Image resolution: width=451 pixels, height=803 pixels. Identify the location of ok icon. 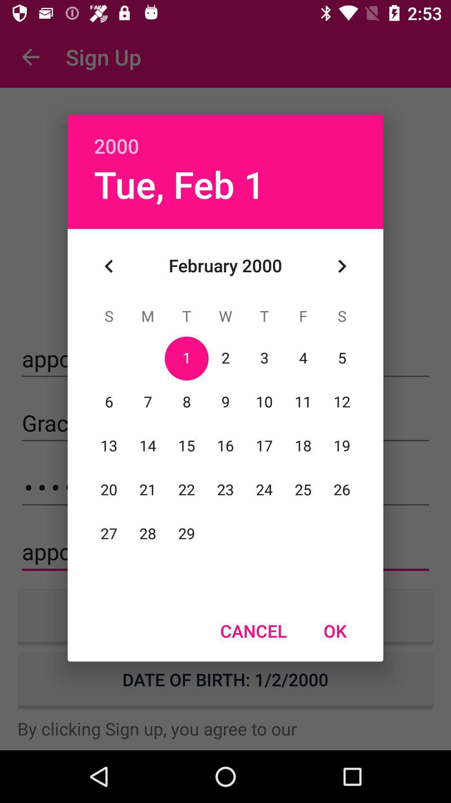
(334, 631).